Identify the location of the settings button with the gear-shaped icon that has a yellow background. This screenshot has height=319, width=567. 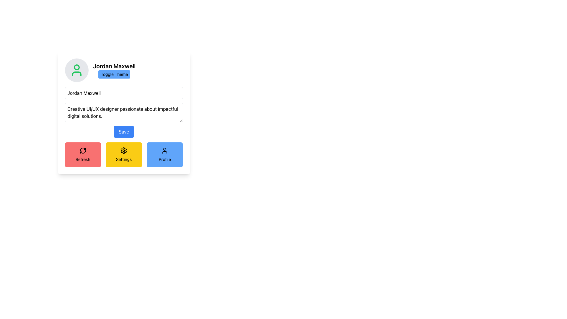
(123, 150).